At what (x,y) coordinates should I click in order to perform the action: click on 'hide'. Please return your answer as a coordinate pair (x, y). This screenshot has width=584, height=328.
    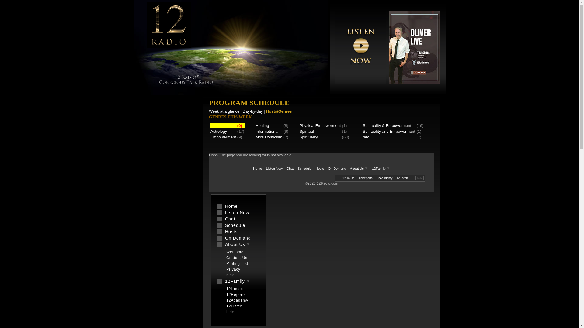
    Looking at the image, I should click on (419, 178).